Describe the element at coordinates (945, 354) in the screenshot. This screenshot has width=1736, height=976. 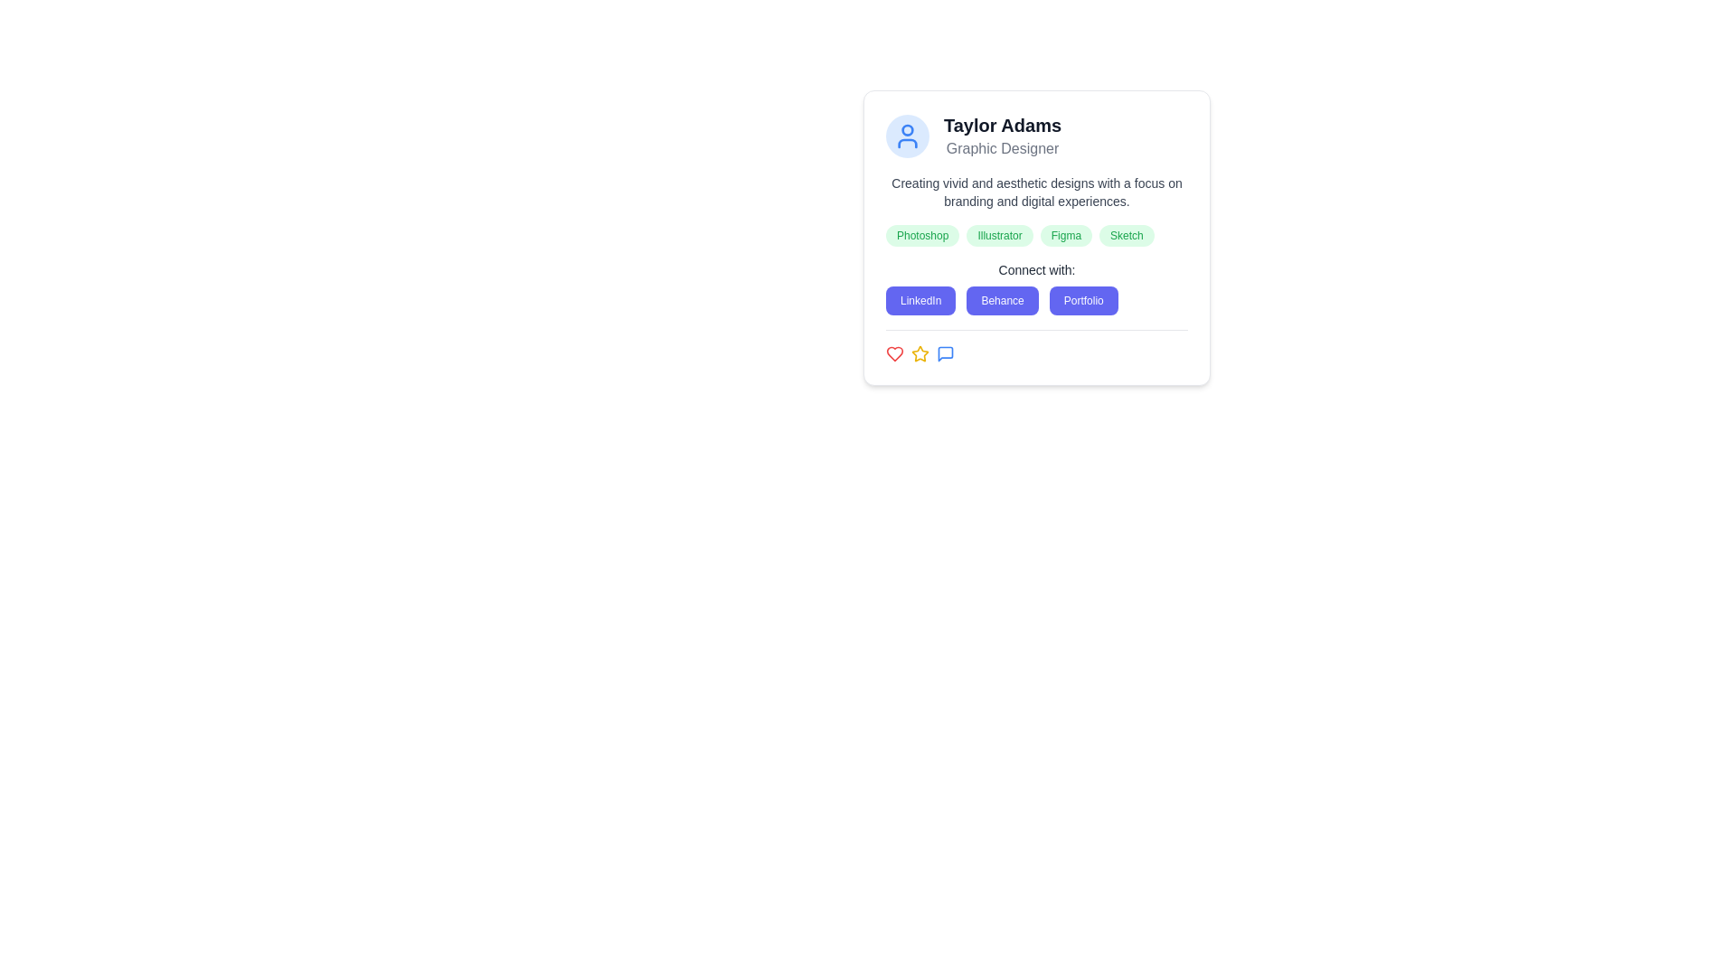
I see `the messaging icon located as the fourth item in a horizontal row at the bottom of the central card` at that location.